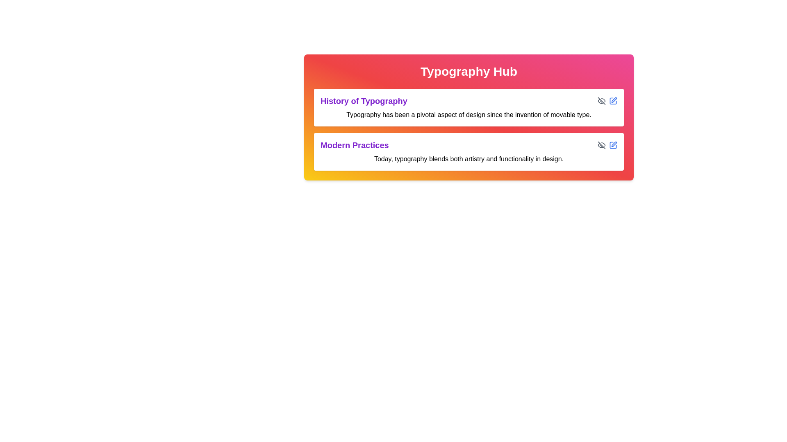  Describe the element at coordinates (607, 144) in the screenshot. I see `on the icon group consisting of an 'eye with a slash' and a 'pen in a square', located at the right end of the 'Modern Practices' row for potential additional actions` at that location.